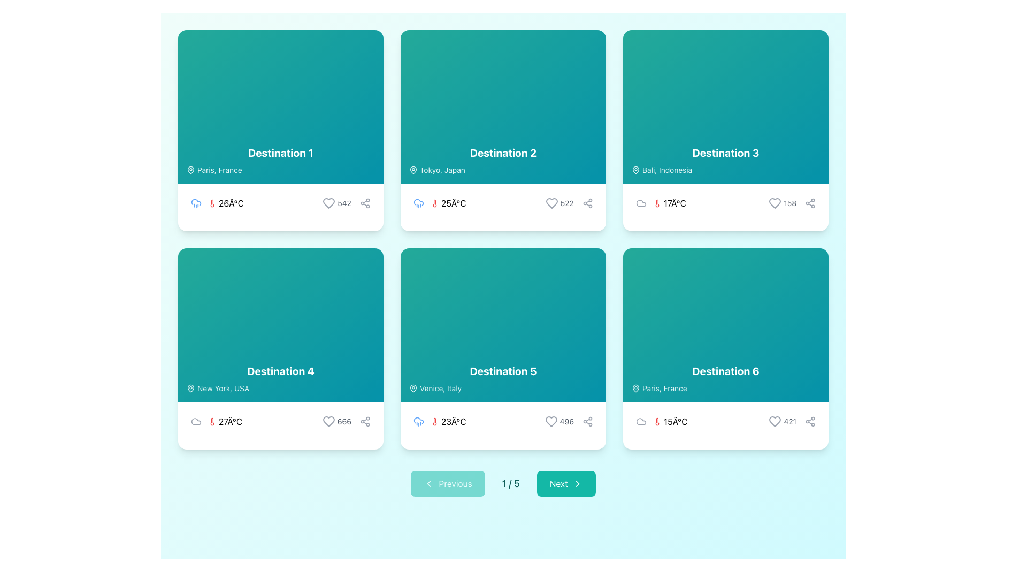 This screenshot has height=578, width=1027. Describe the element at coordinates (566, 421) in the screenshot. I see `text displayed on the count label located to the right of the heart icon in the bottom-right section of the 'Destination 5' card` at that location.